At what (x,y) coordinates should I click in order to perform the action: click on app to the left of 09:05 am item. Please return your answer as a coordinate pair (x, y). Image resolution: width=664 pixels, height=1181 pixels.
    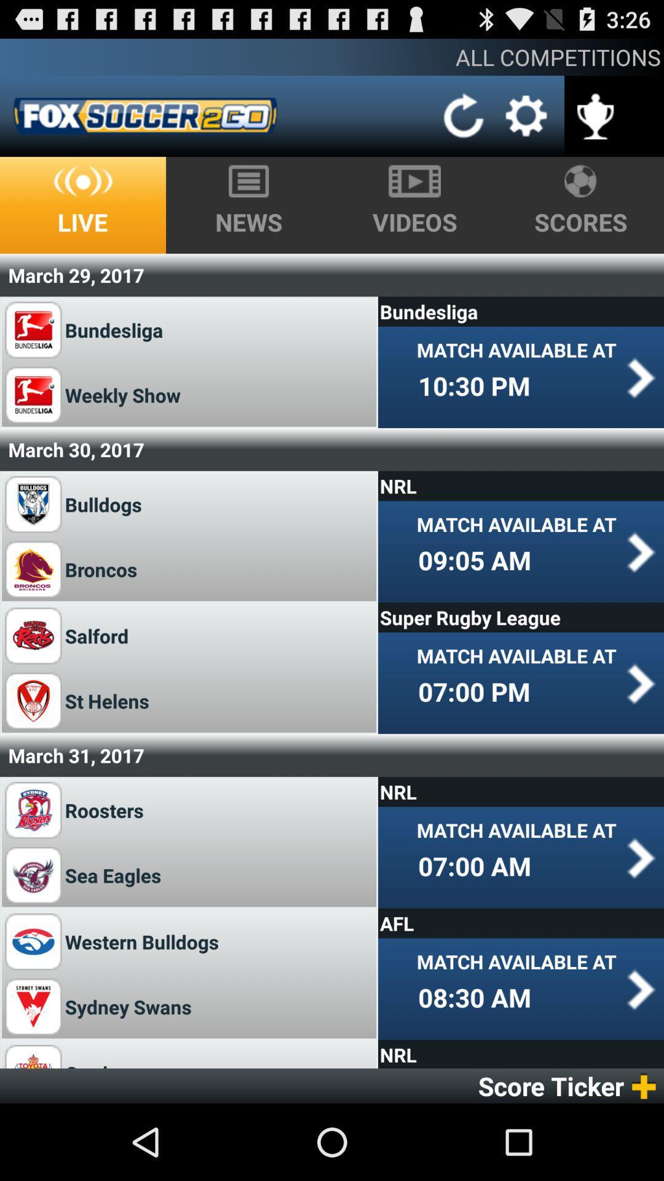
    Looking at the image, I should click on (103, 568).